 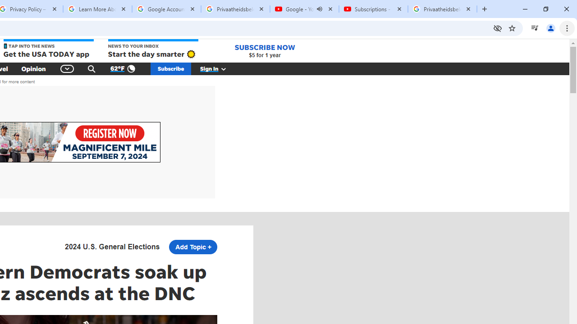 What do you see at coordinates (67, 68) in the screenshot?
I see `'Global Navigation'` at bounding box center [67, 68].